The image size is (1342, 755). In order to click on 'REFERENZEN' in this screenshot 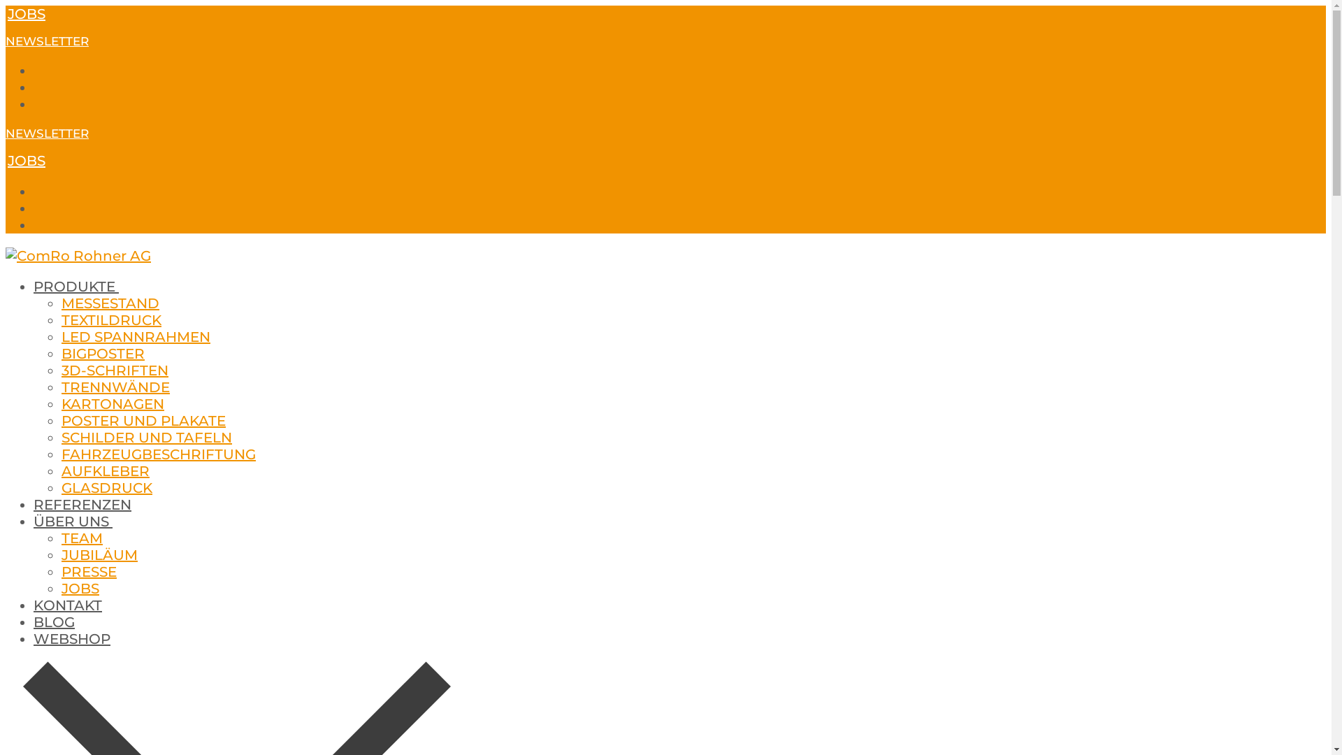, I will do `click(82, 504)`.